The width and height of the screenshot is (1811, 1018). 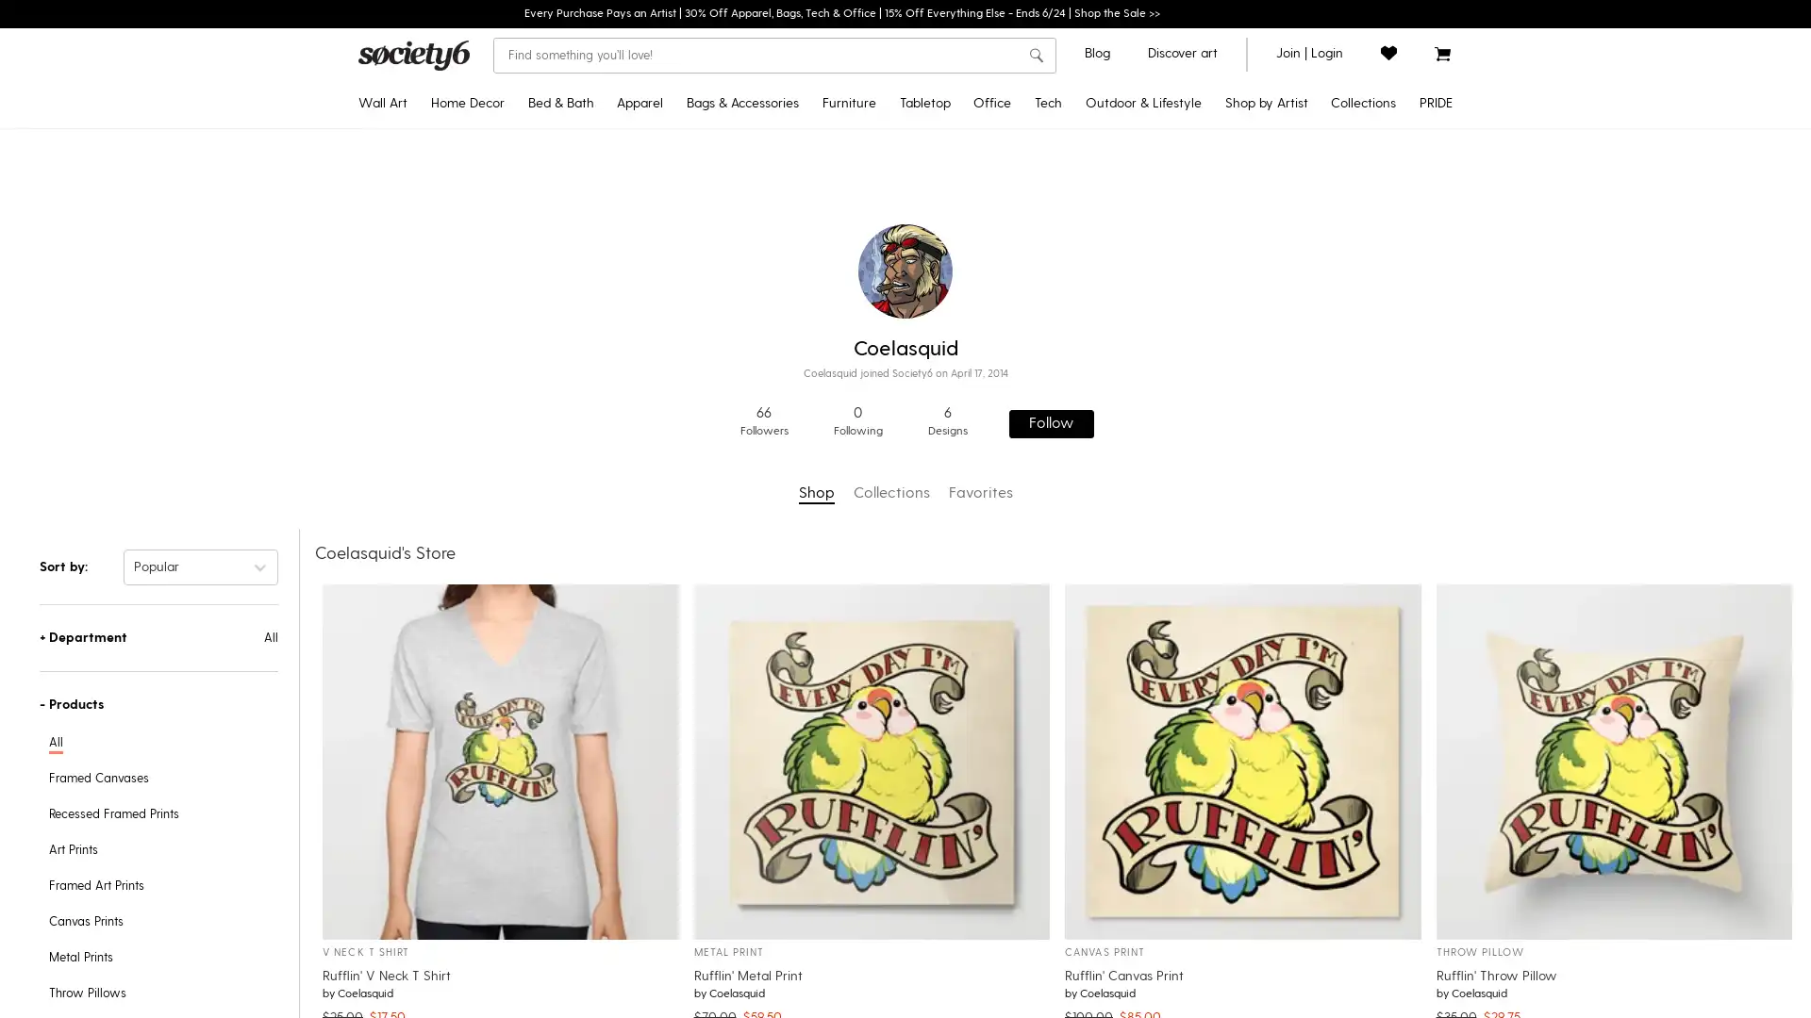 I want to click on Leggings, so click(x=699, y=363).